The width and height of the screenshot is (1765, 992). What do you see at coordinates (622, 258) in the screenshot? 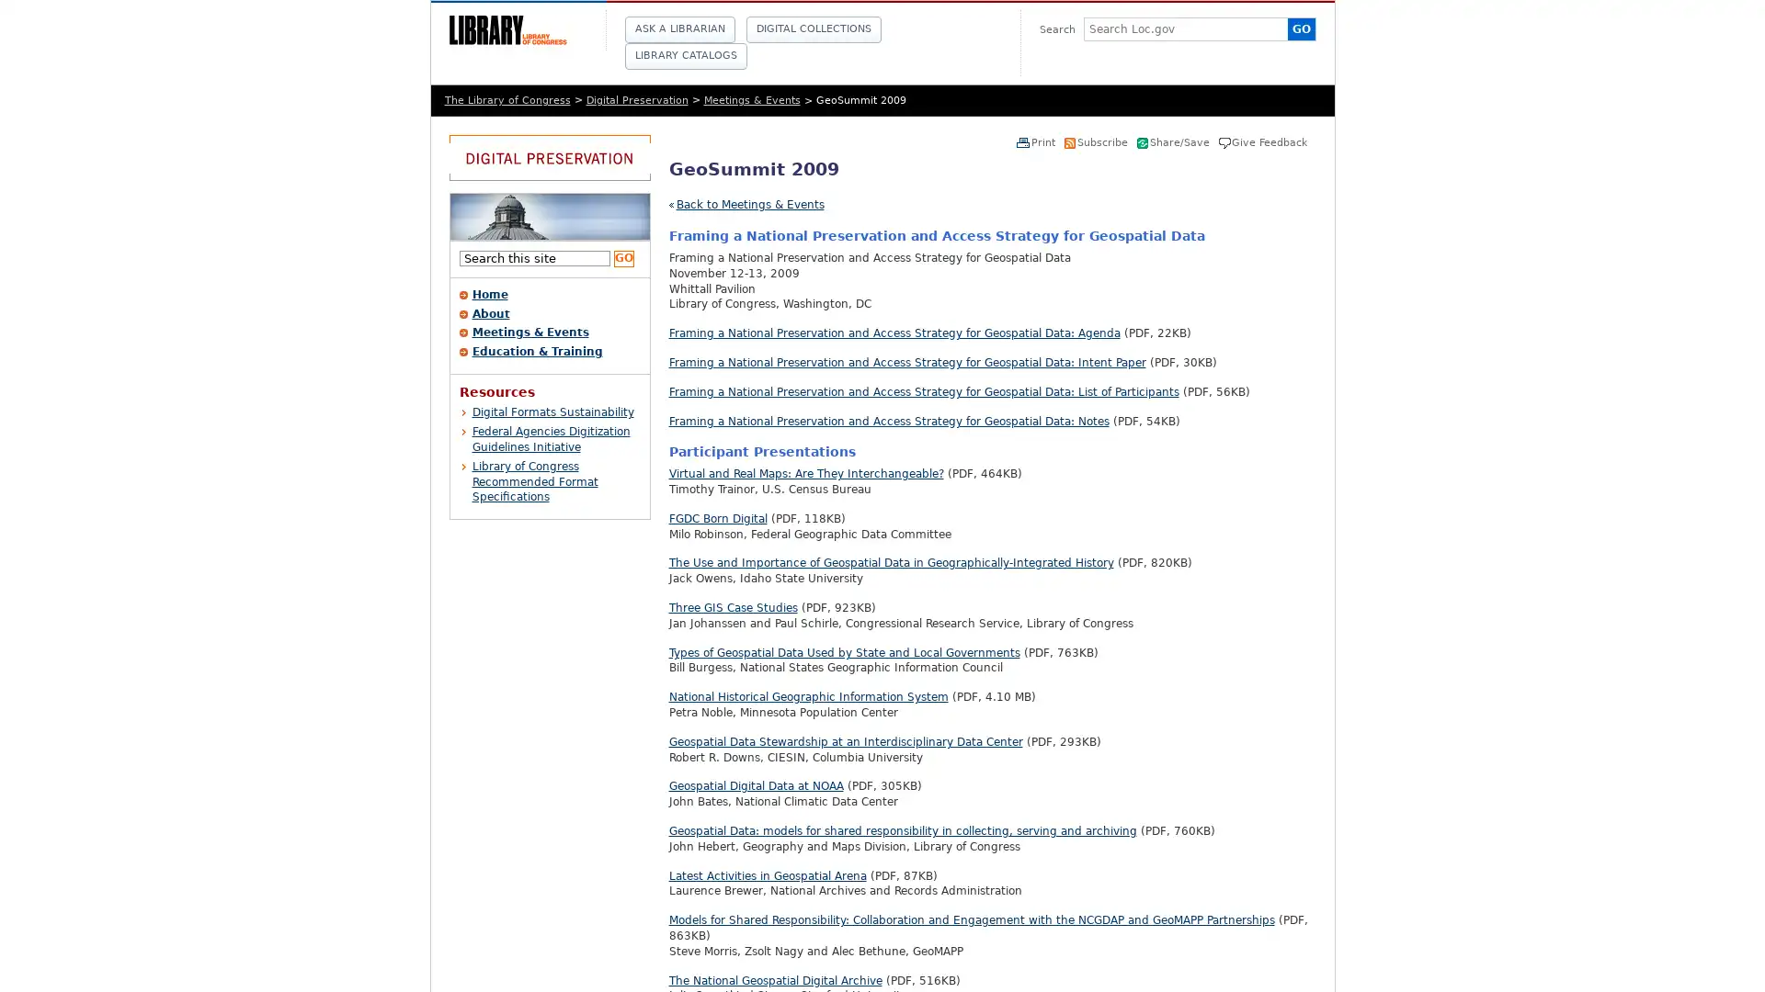
I see `GO` at bounding box center [622, 258].